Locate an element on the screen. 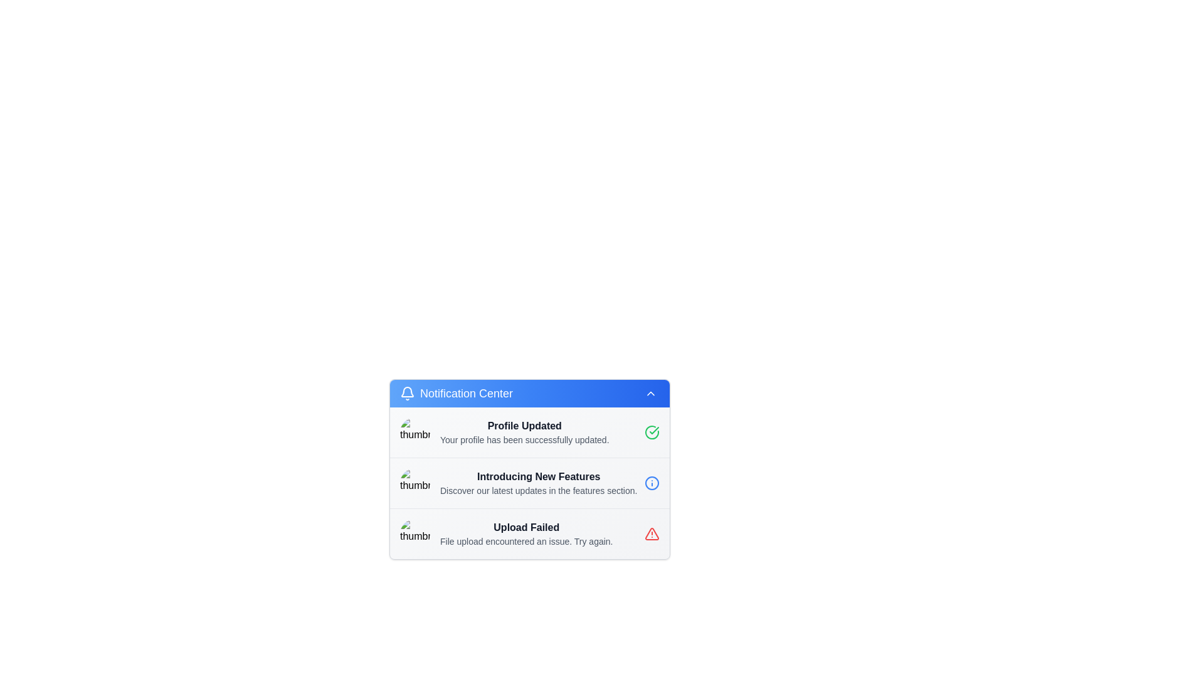 The height and width of the screenshot is (677, 1204). the thumbnail icon representing the sender of the notification, which indicates 'Profile Updated' and provides visual context is located at coordinates (415, 432).